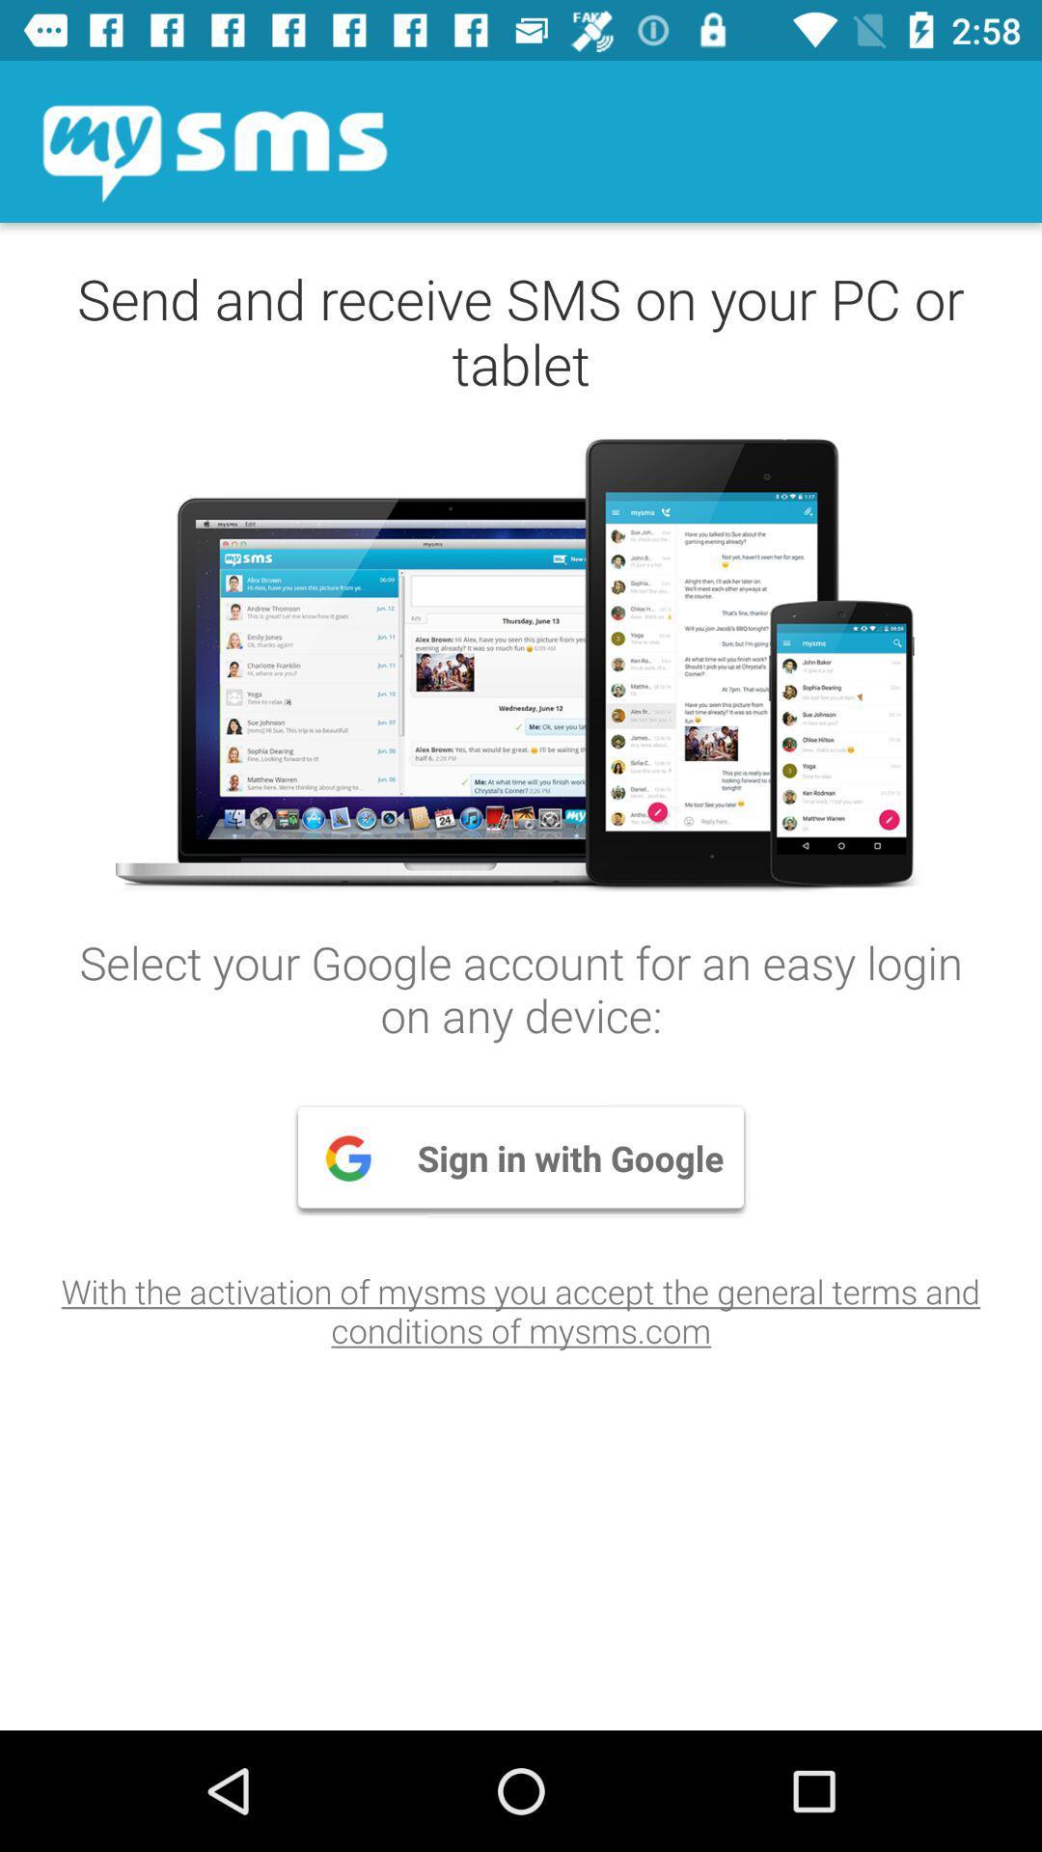 The height and width of the screenshot is (1852, 1042). Describe the element at coordinates (521, 1310) in the screenshot. I see `the item below the sign in with icon` at that location.